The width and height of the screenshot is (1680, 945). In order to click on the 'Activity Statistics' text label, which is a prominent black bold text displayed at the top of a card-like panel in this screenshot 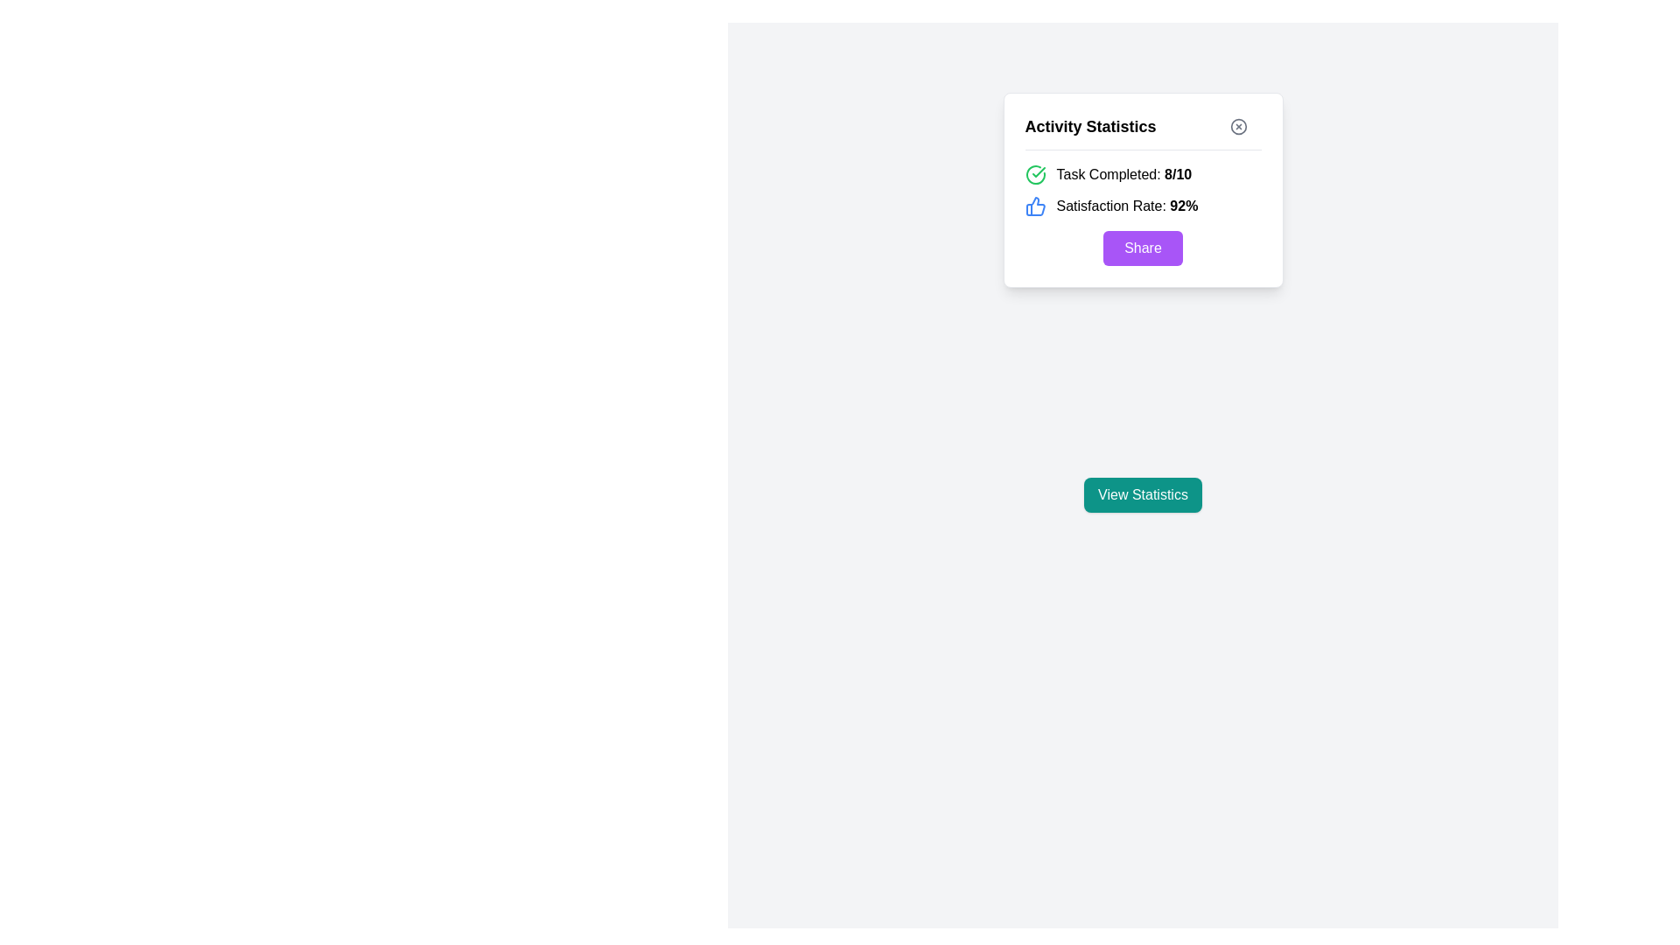, I will do `click(1089, 126)`.